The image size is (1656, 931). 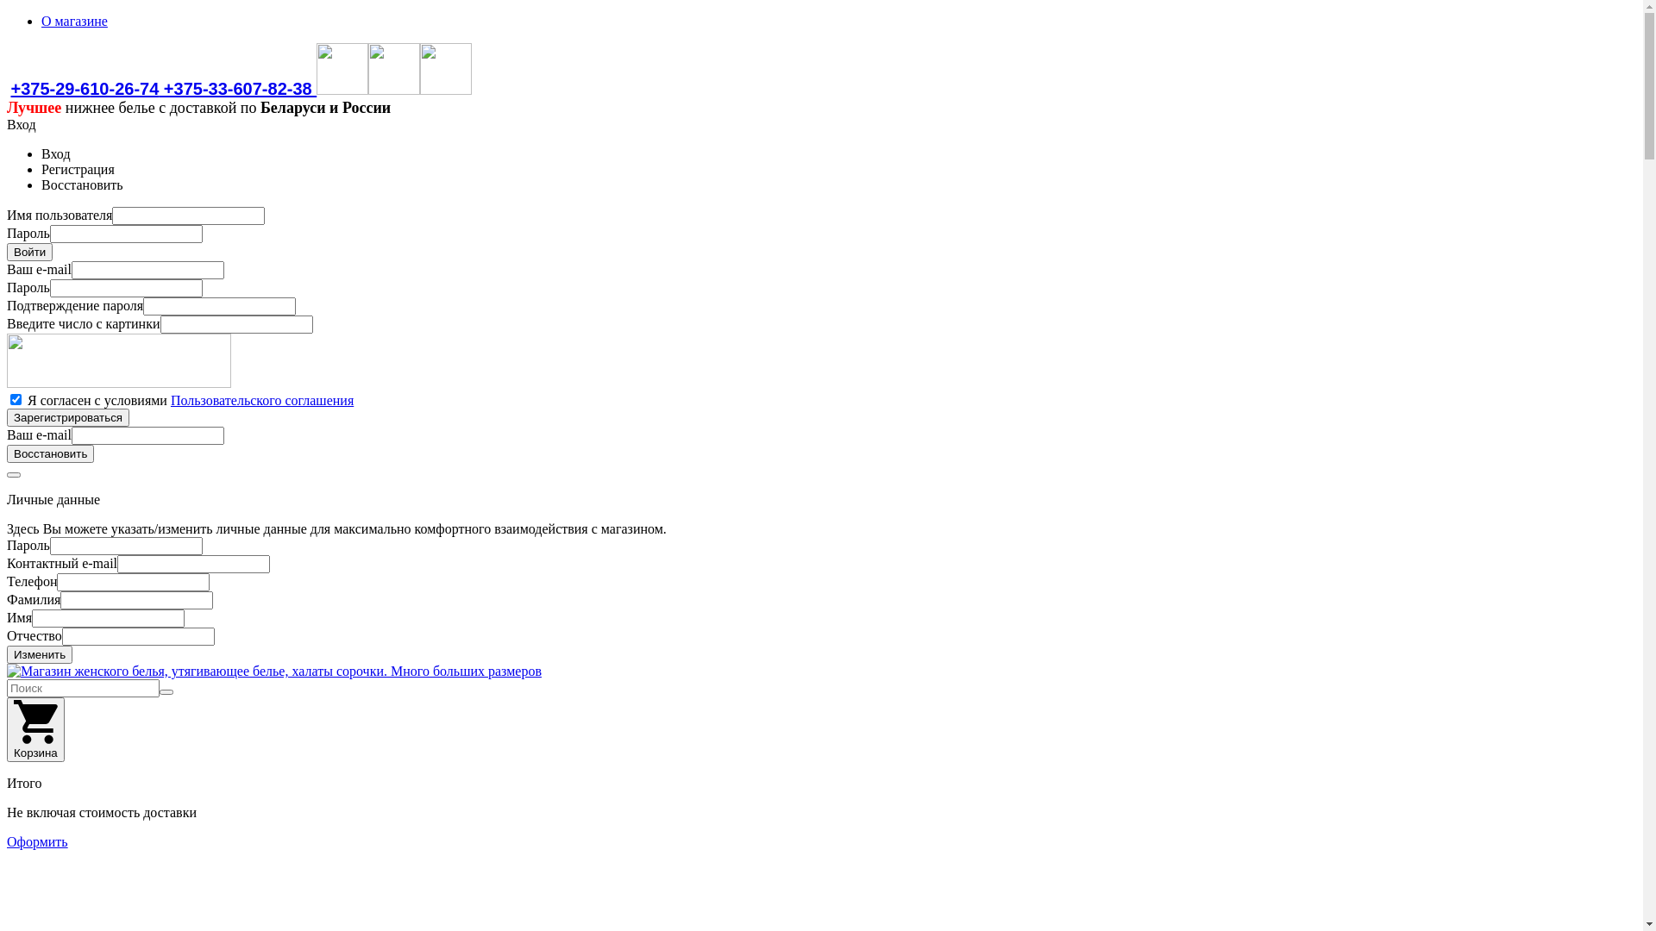 What do you see at coordinates (49, 89) in the screenshot?
I see `'+375-29-6'` at bounding box center [49, 89].